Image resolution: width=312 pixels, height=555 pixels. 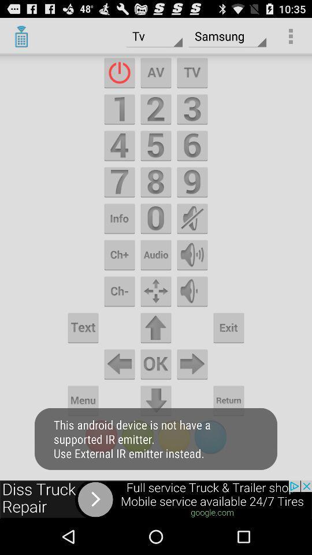 I want to click on the font icon, so click(x=156, y=77).